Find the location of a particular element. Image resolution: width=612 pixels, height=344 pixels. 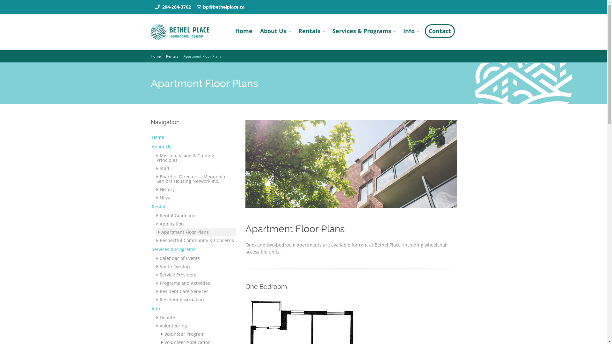

'Home' is located at coordinates (243, 31).